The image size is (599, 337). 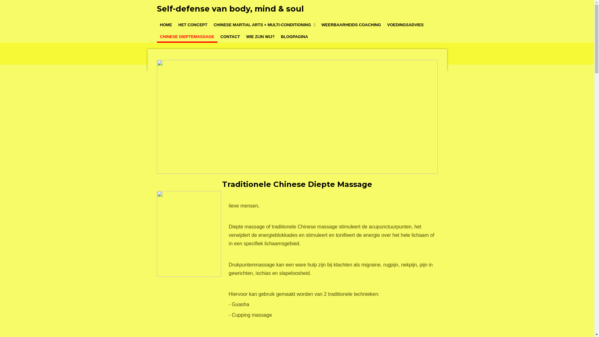 What do you see at coordinates (294, 37) in the screenshot?
I see `'BLOGPAGINA'` at bounding box center [294, 37].